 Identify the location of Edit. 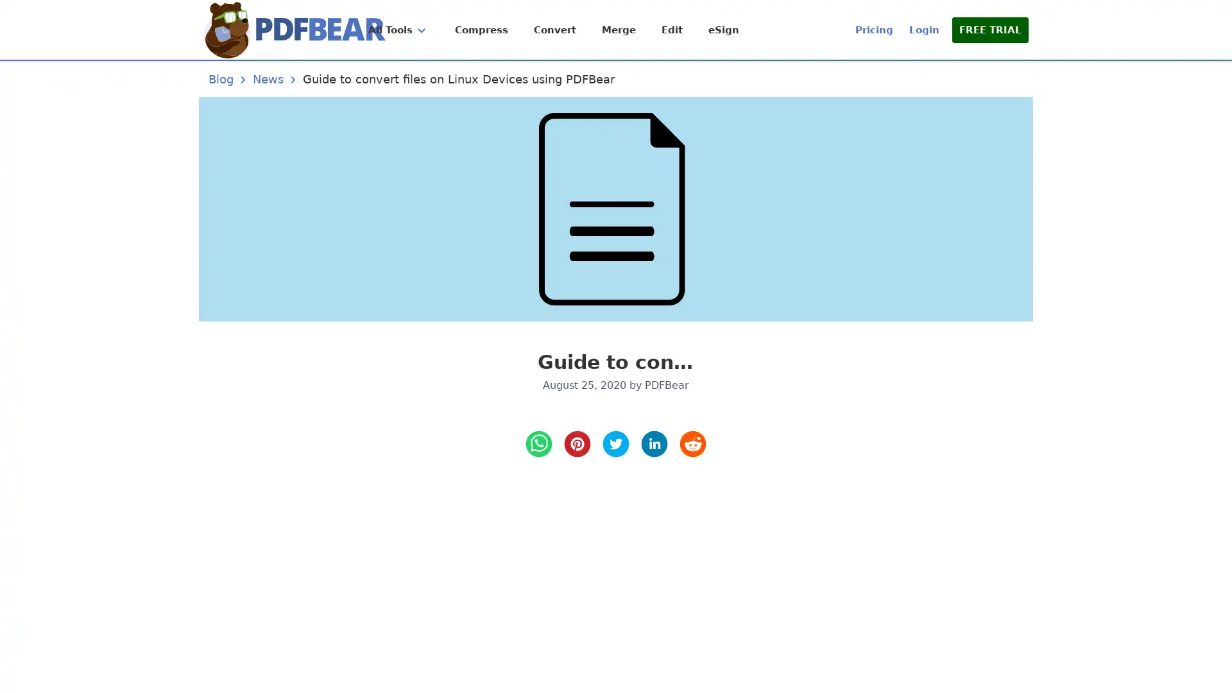
(671, 29).